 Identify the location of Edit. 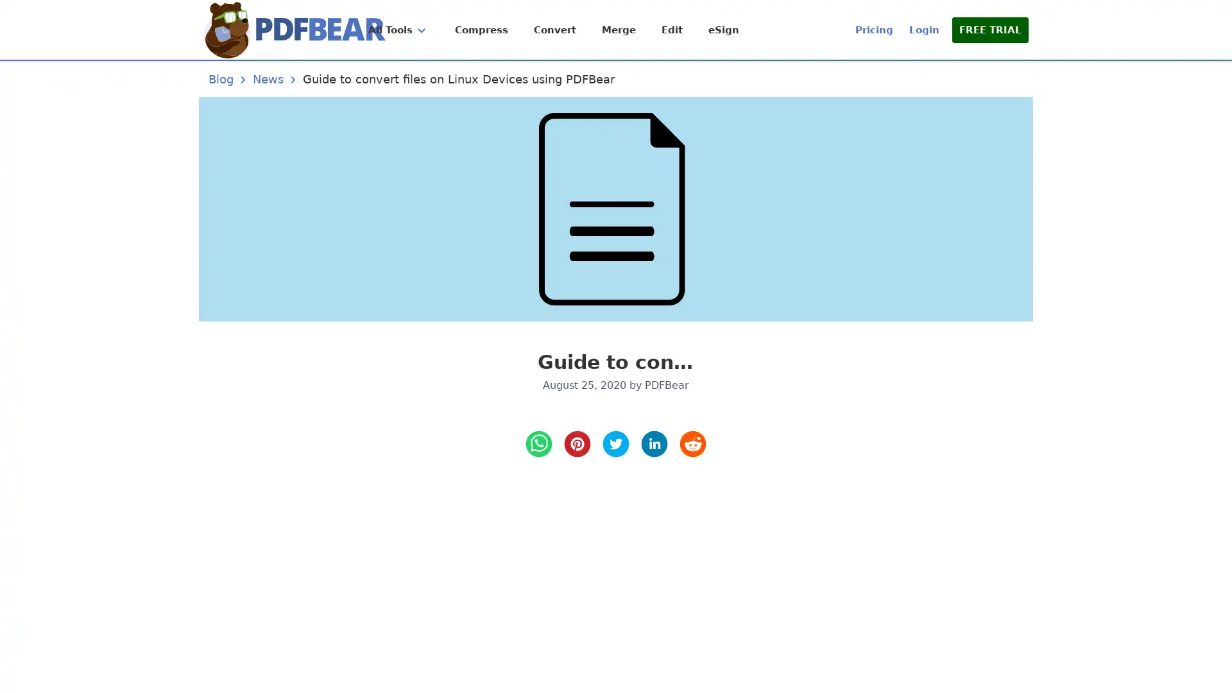
(671, 29).